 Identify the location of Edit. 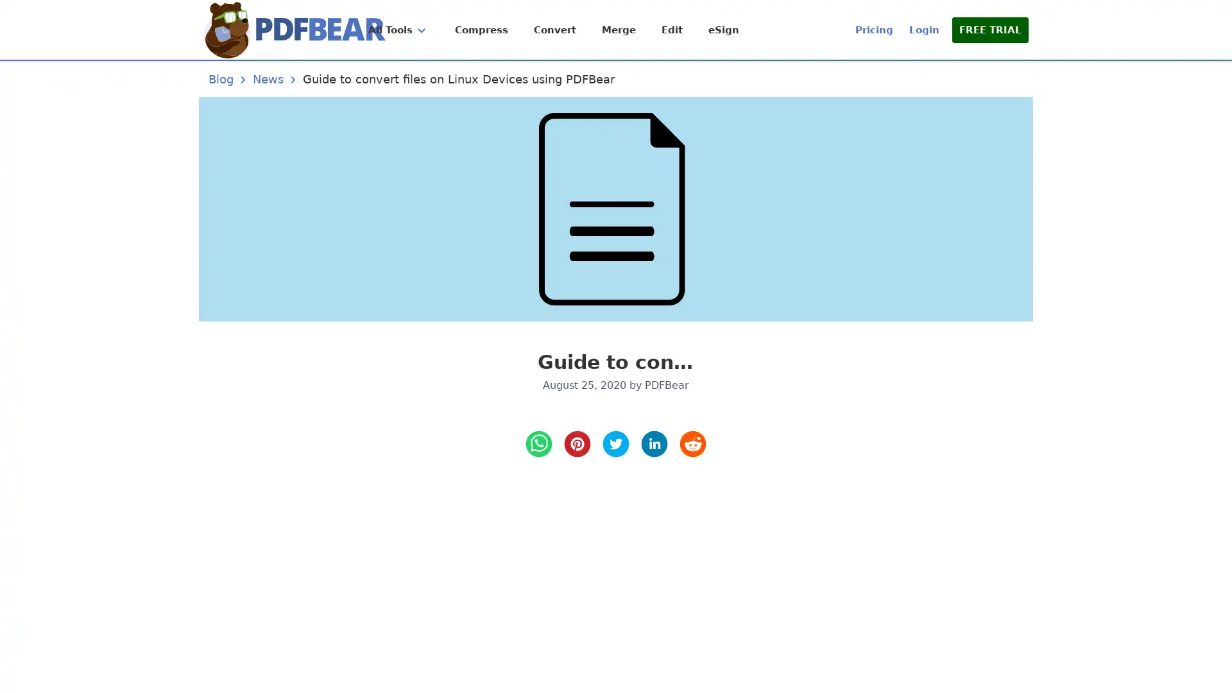
(671, 29).